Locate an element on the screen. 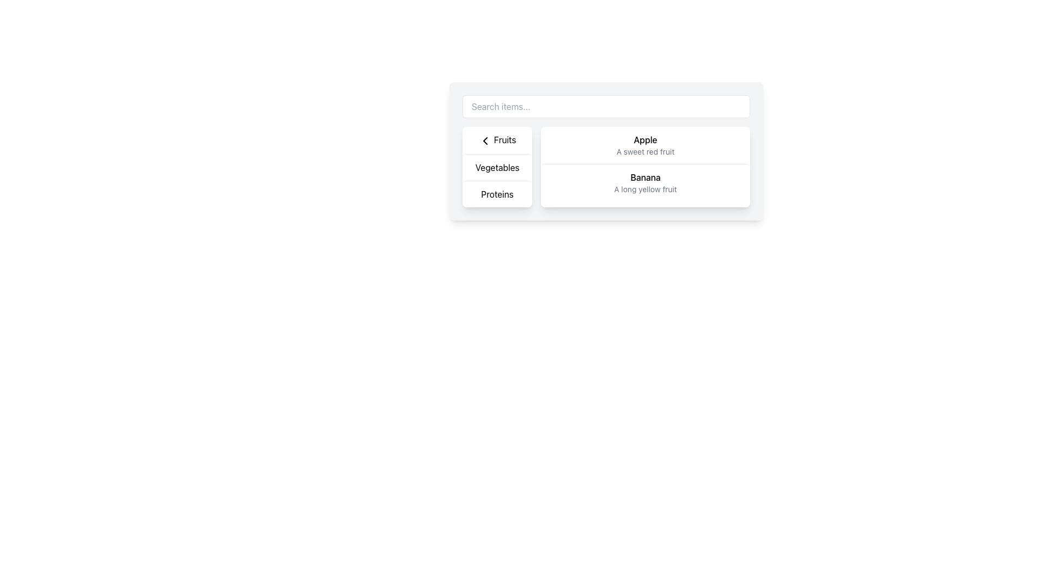 The image size is (1046, 588). the 'Vegetables' button, which is styled with moderate padding and hover effects, positioned in a vertically stacked list between 'Fruits' and 'Proteins' is located at coordinates (496, 167).